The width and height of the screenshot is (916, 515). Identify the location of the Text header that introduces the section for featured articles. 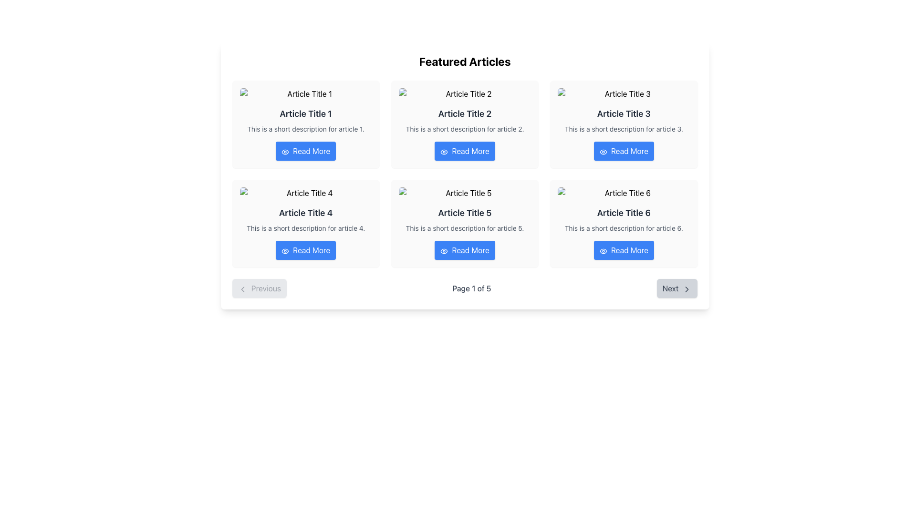
(465, 61).